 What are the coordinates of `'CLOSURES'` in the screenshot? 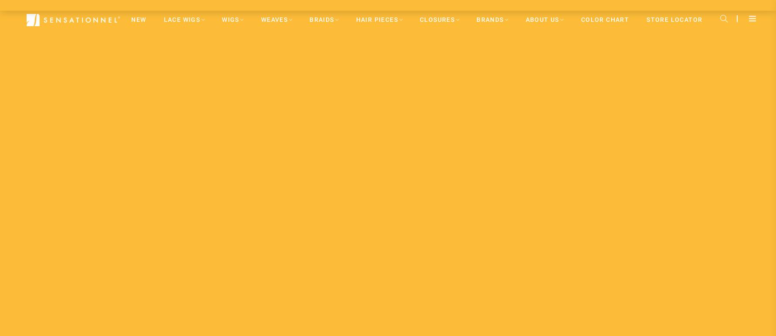 It's located at (419, 19).